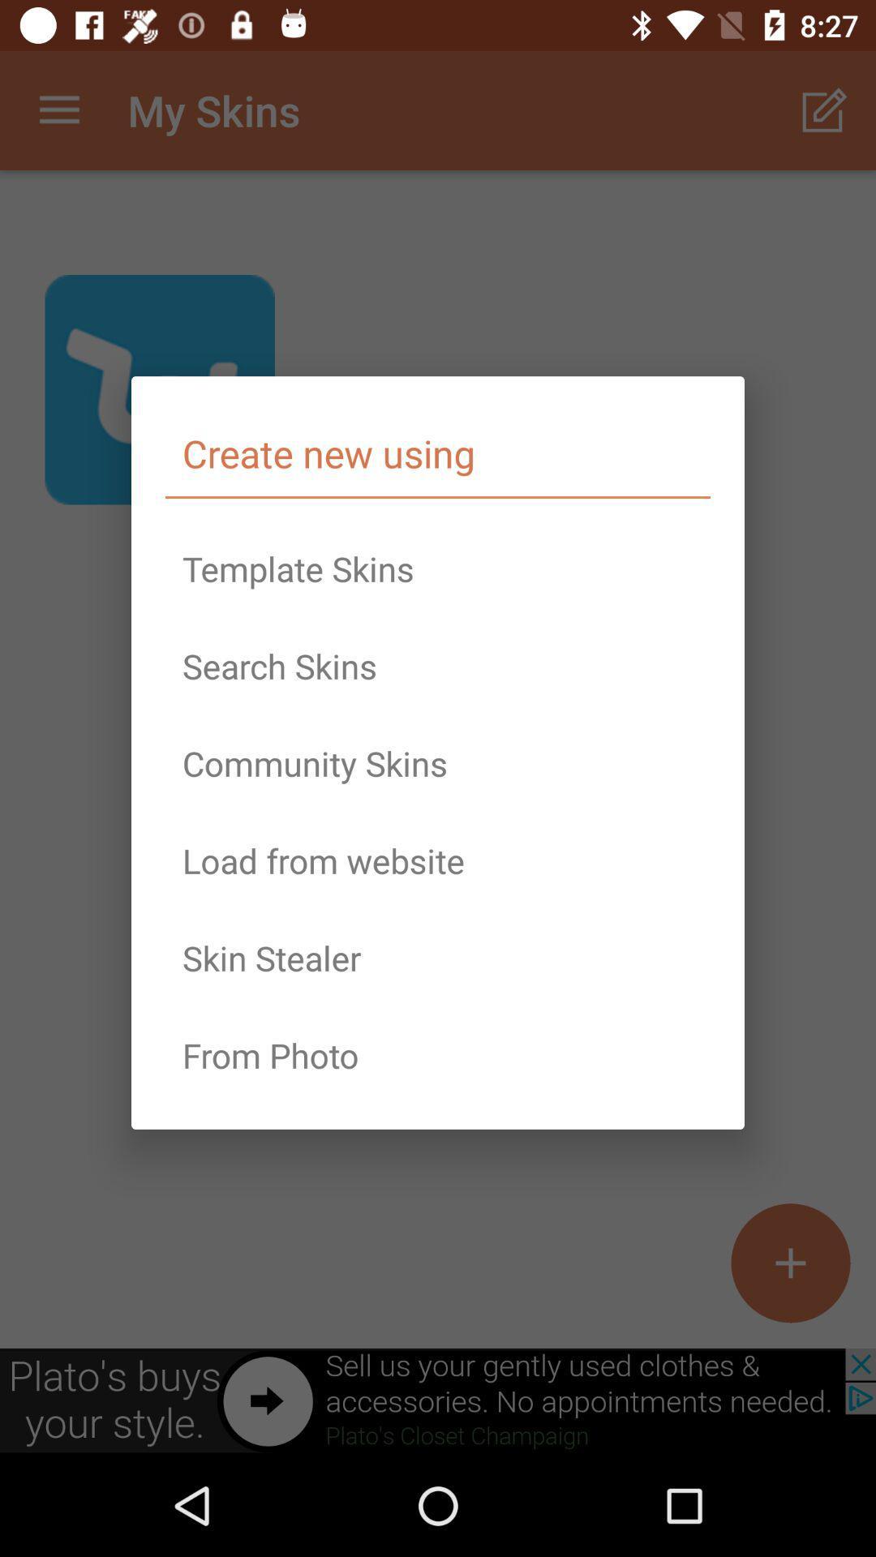 The image size is (876, 1557). What do you see at coordinates (438, 666) in the screenshot?
I see `the item above community skins` at bounding box center [438, 666].